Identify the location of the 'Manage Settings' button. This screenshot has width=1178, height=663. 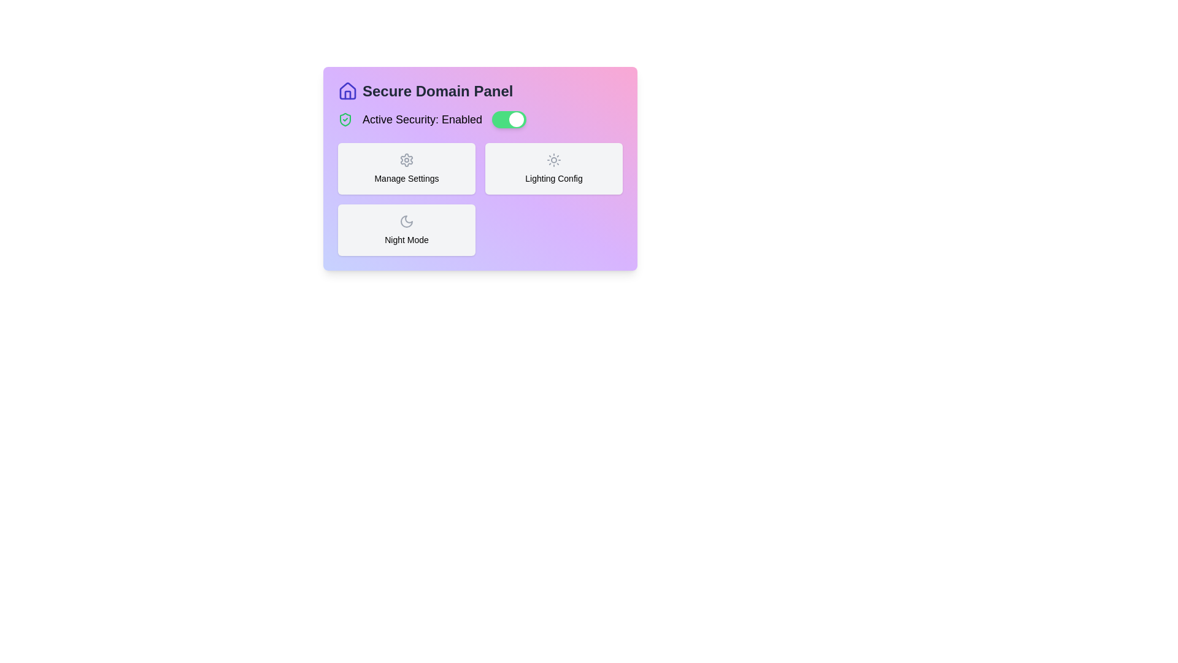
(406, 168).